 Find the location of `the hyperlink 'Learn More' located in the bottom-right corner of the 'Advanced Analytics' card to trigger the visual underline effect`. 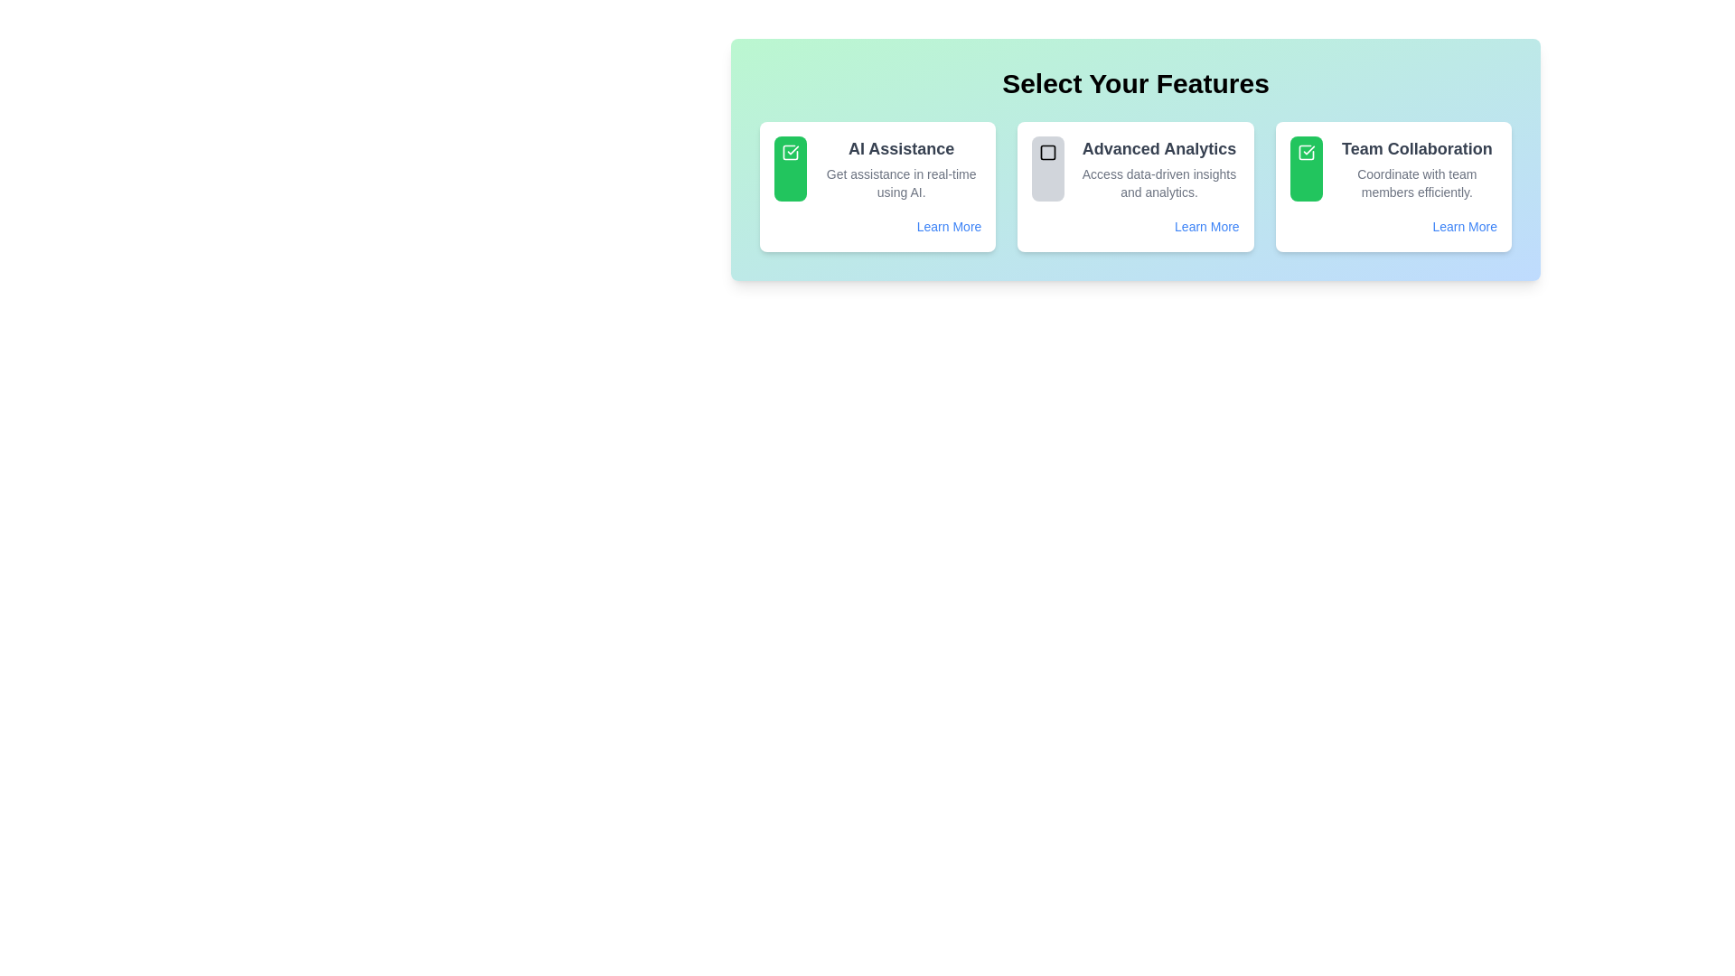

the hyperlink 'Learn More' located in the bottom-right corner of the 'Advanced Analytics' card to trigger the visual underline effect is located at coordinates (1206, 225).